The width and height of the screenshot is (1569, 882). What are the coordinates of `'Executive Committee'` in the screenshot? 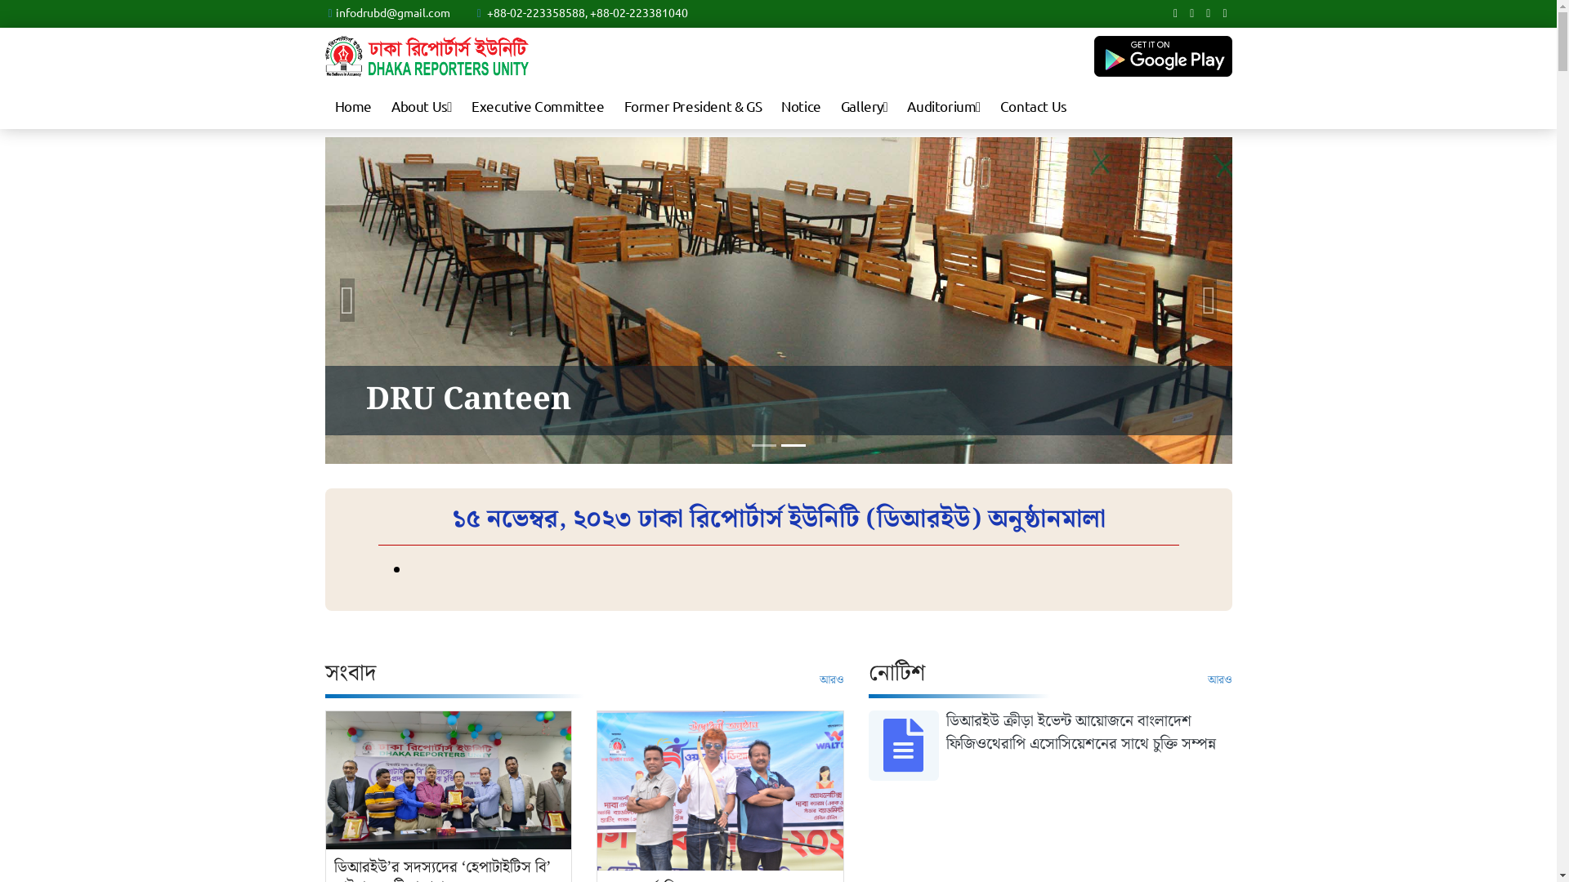 It's located at (537, 106).